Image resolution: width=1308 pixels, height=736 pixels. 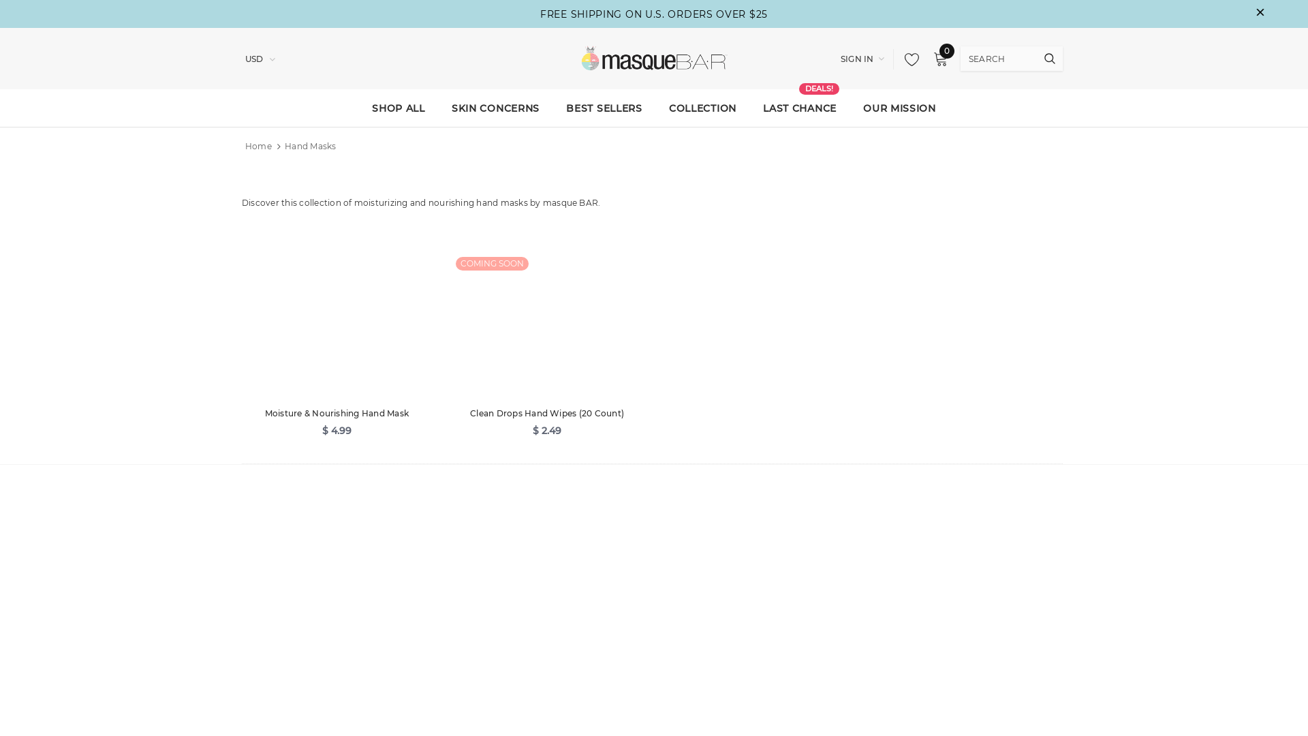 What do you see at coordinates (702, 107) in the screenshot?
I see `'COLLECTION'` at bounding box center [702, 107].